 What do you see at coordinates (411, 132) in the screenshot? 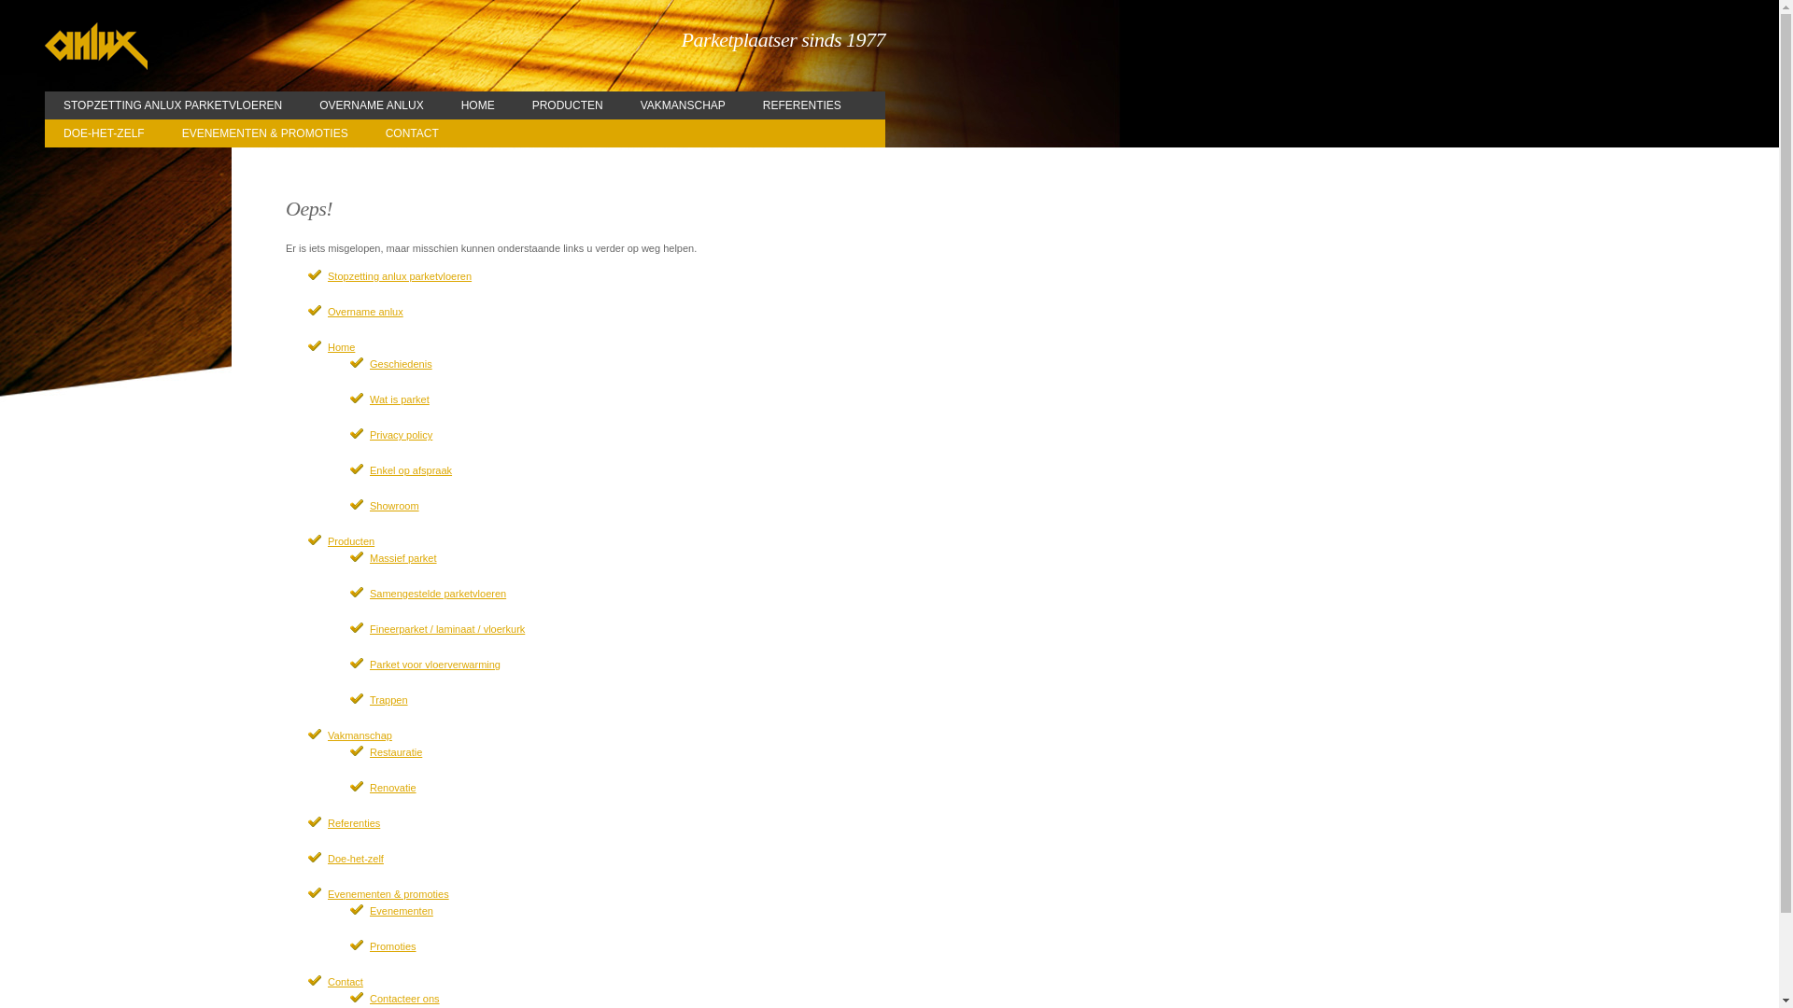
I see `'CONTACT'` at bounding box center [411, 132].